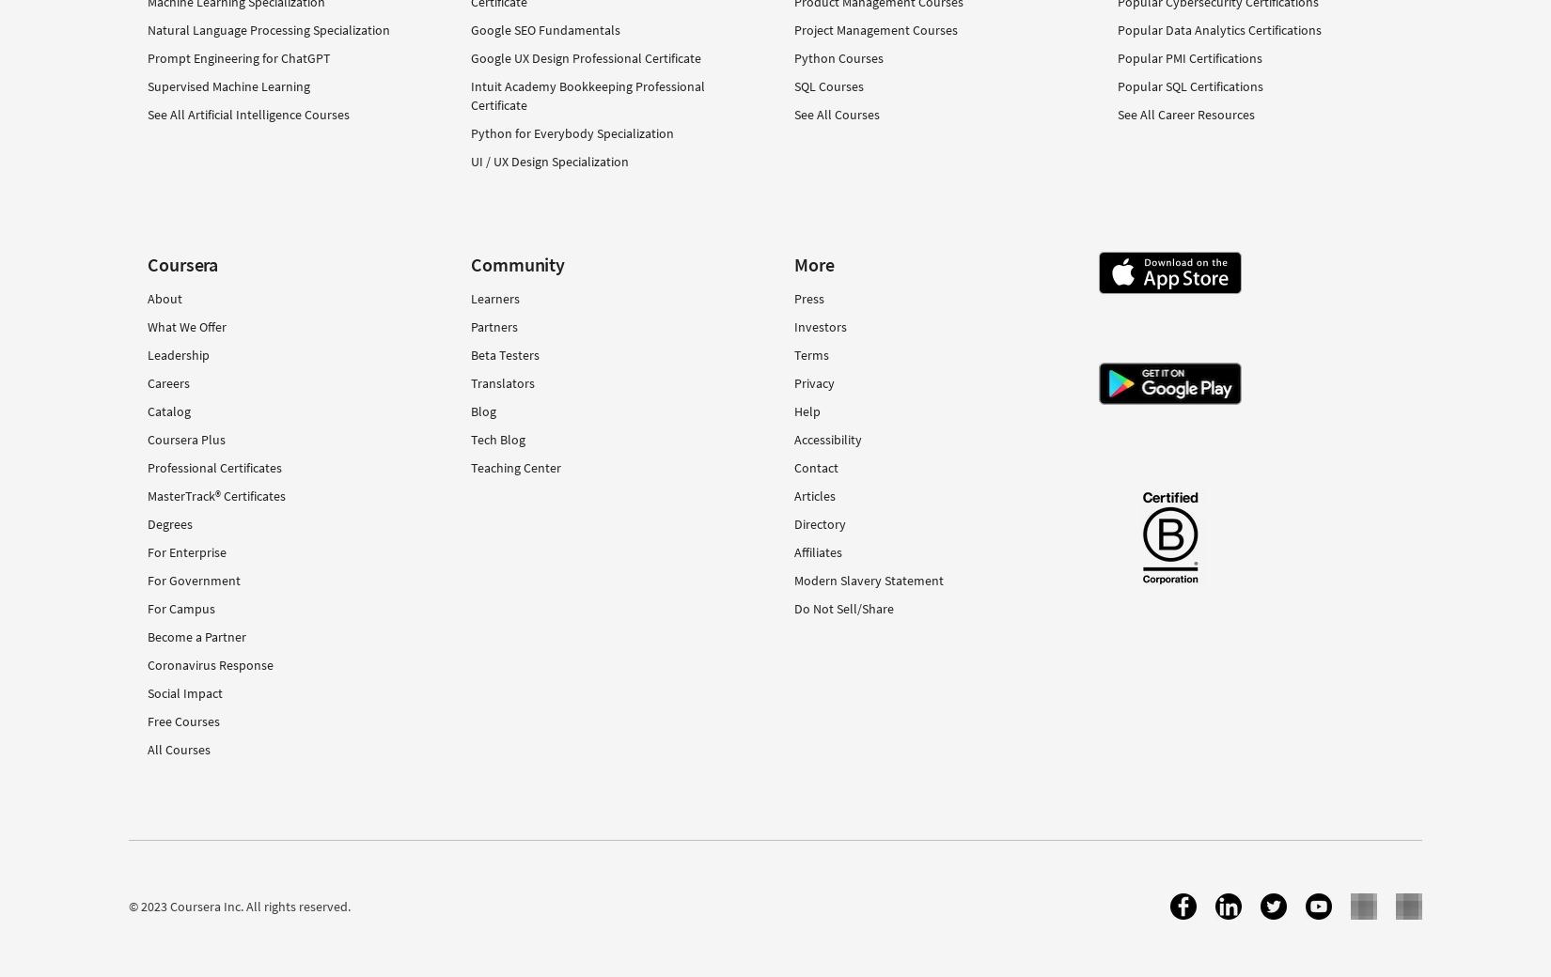 This screenshot has height=977, width=1551. I want to click on 'Blog', so click(482, 411).